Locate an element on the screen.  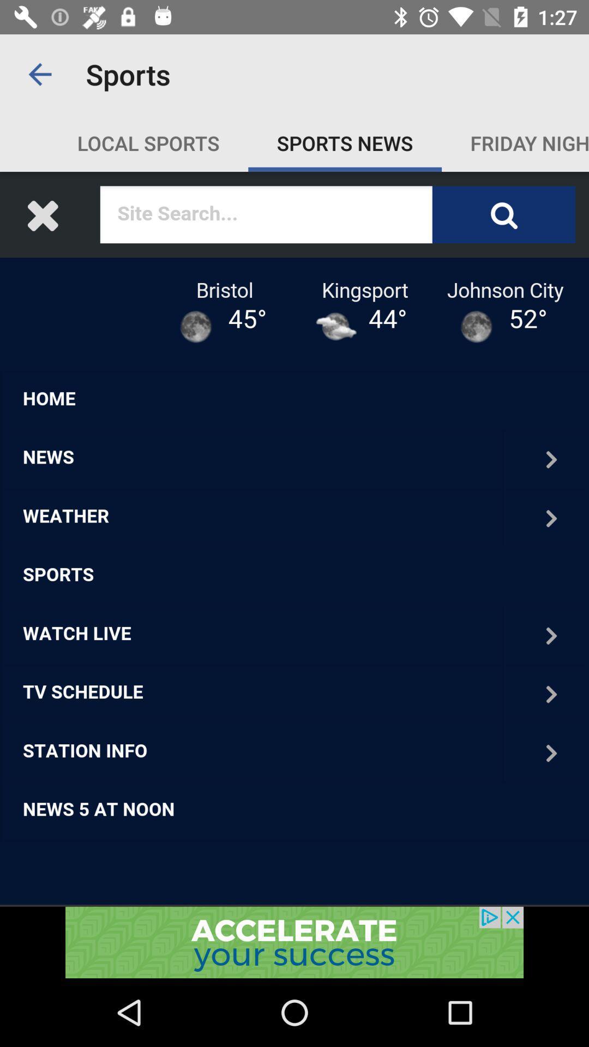
description is located at coordinates (294, 539).